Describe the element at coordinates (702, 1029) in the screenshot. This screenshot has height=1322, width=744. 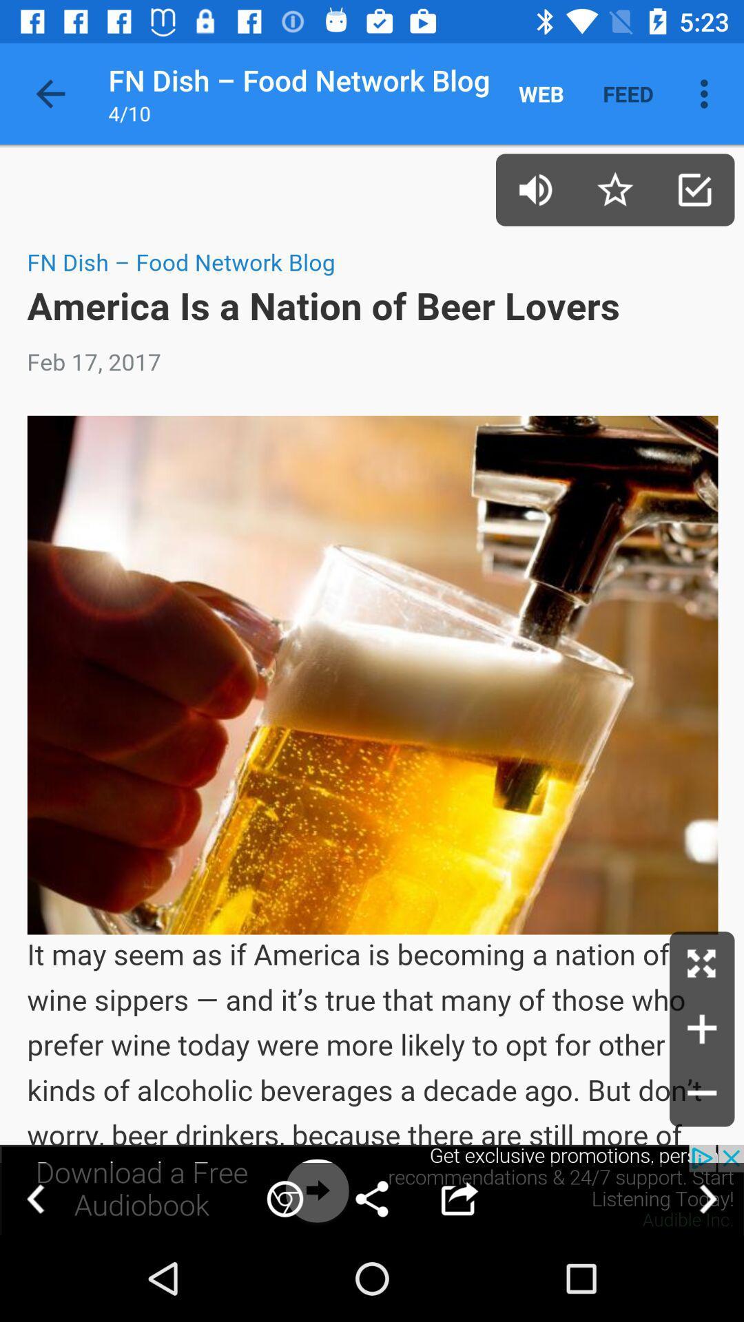
I see `the add icon` at that location.